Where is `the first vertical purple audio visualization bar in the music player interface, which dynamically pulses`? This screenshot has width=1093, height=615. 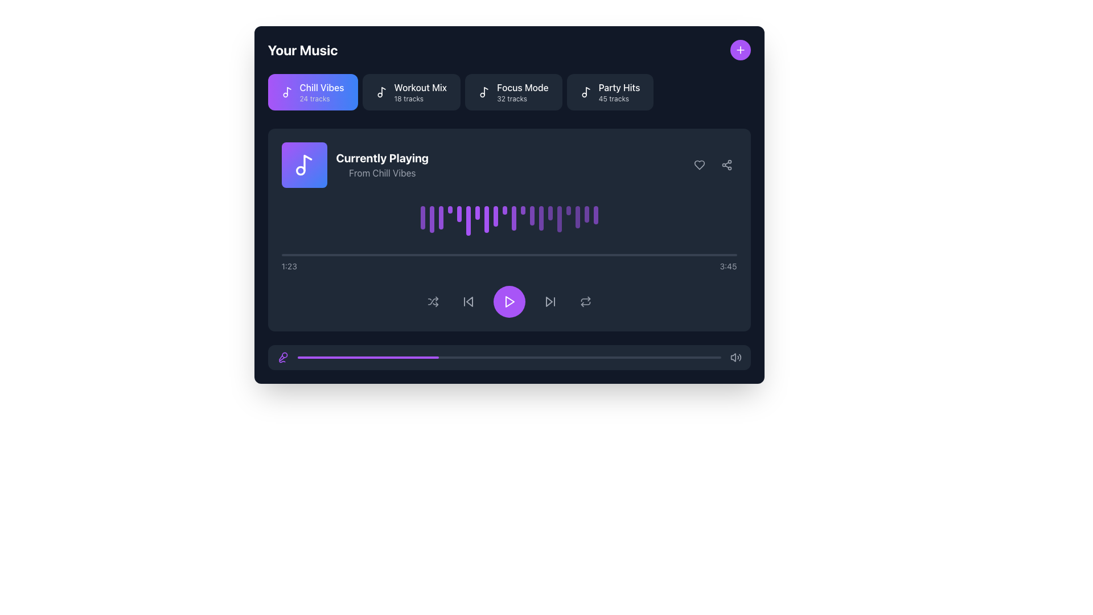
the first vertical purple audio visualization bar in the music player interface, which dynamically pulses is located at coordinates (422, 218).